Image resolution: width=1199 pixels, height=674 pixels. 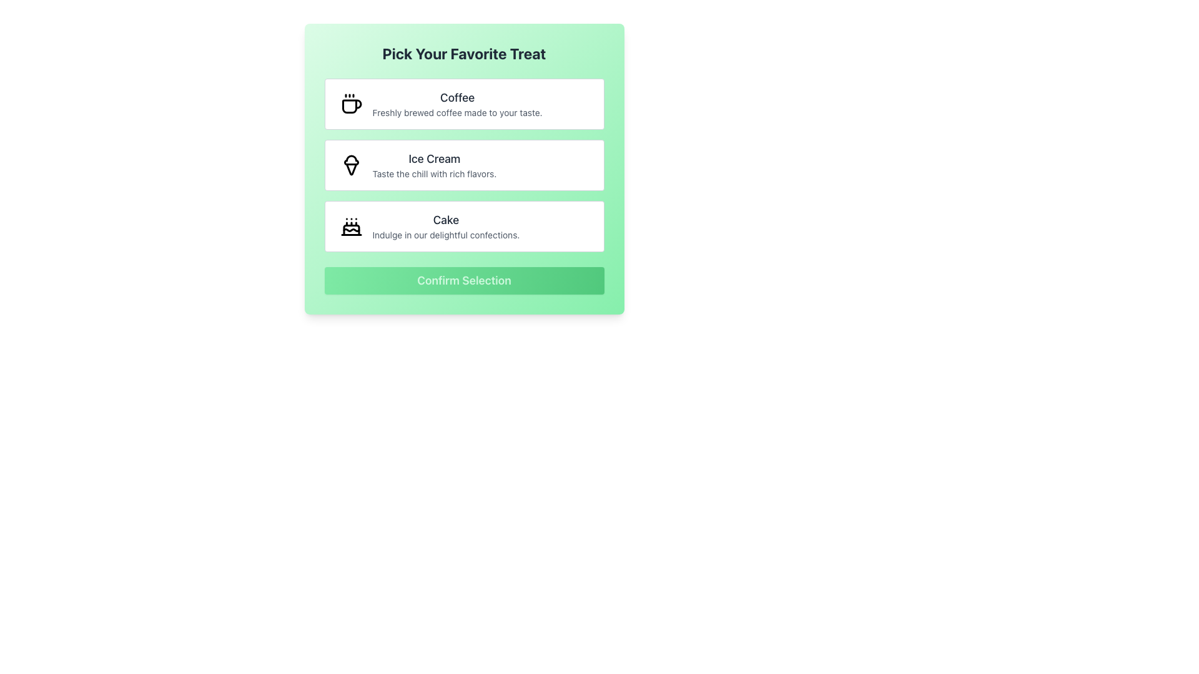 What do you see at coordinates (350, 169) in the screenshot?
I see `the lower pointed section of the ice cream cone icon, which is the second entry in the list labeled 'Ice Cream'` at bounding box center [350, 169].